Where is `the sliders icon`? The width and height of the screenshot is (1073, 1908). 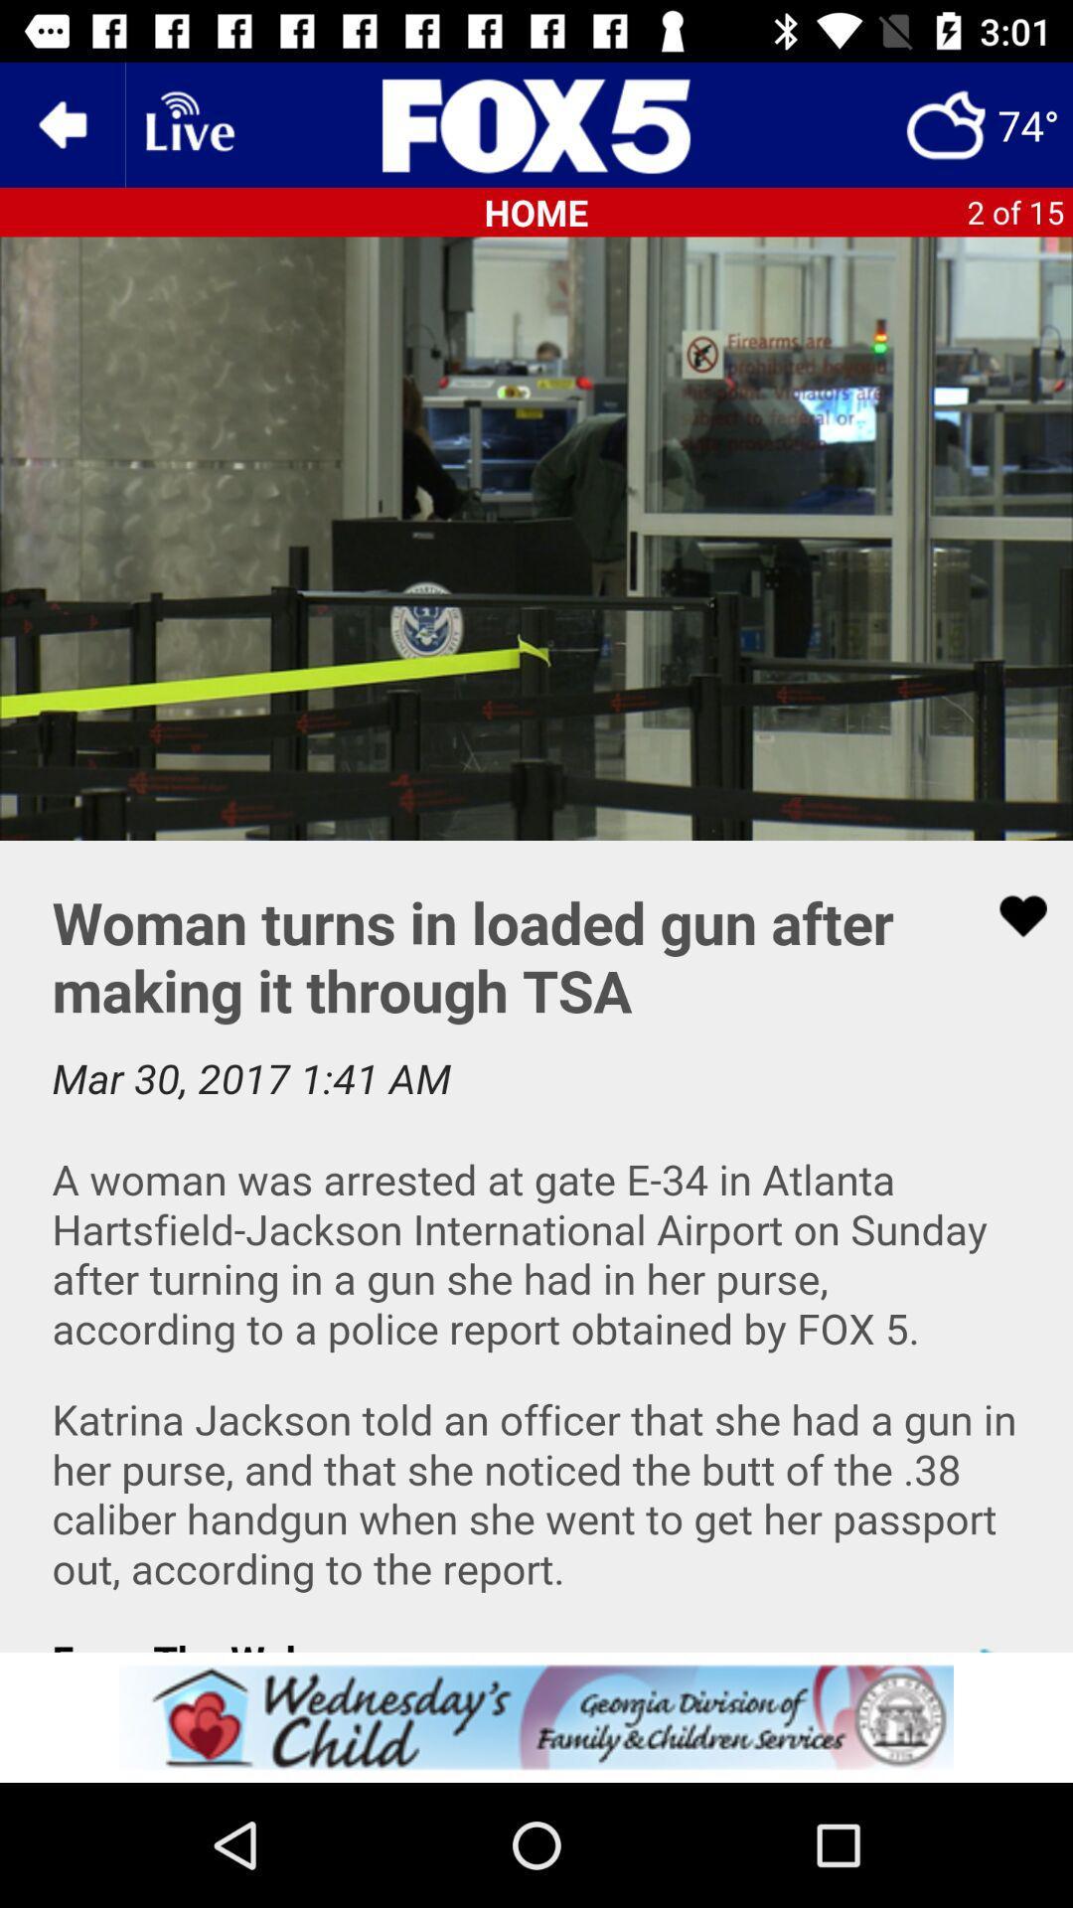
the sliders icon is located at coordinates (536, 123).